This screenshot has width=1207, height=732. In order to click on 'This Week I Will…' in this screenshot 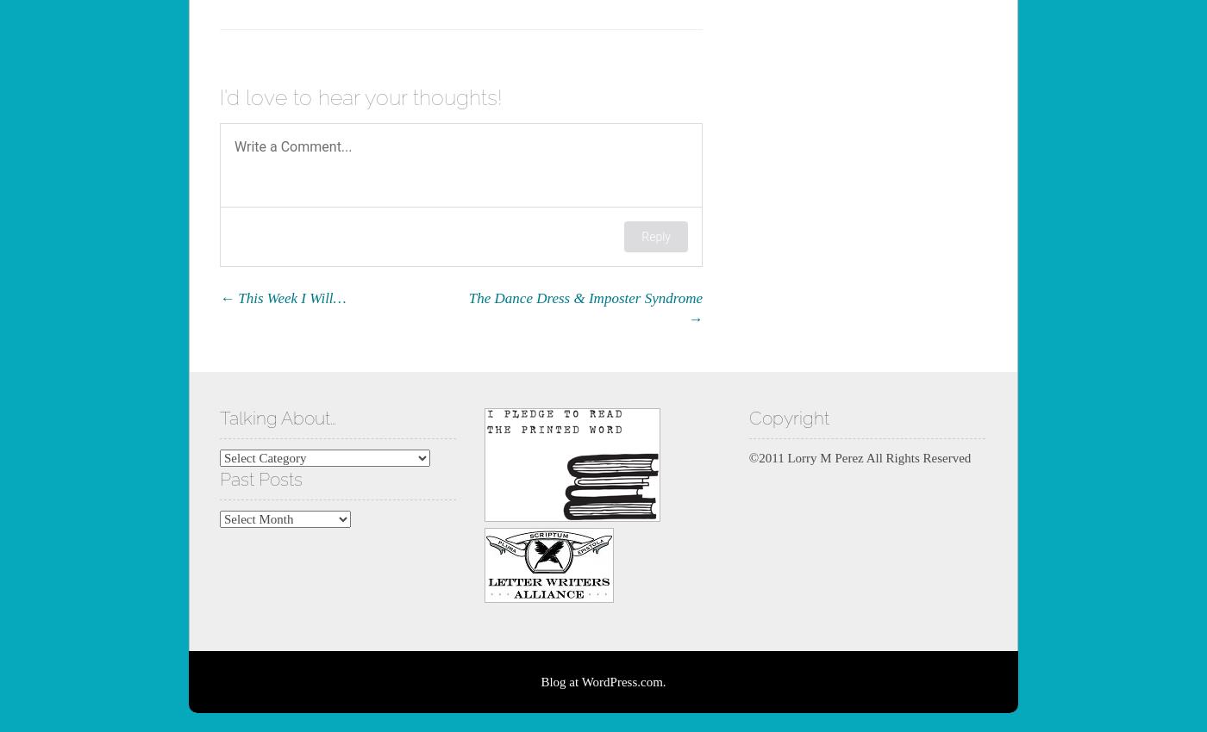, I will do `click(290, 296)`.